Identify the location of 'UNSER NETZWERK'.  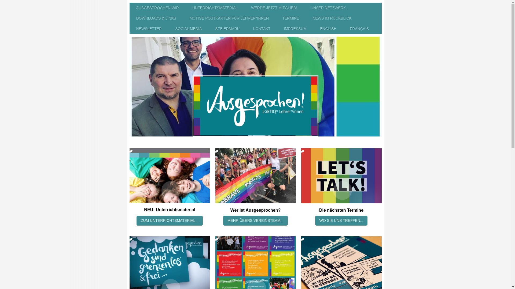
(328, 8).